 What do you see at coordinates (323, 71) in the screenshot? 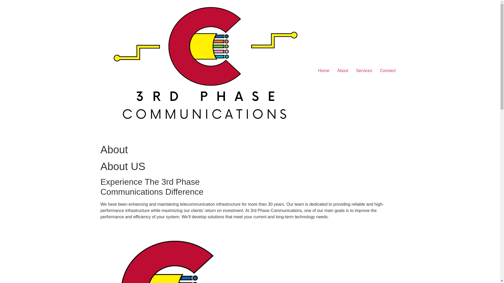
I see `'Home'` at bounding box center [323, 71].